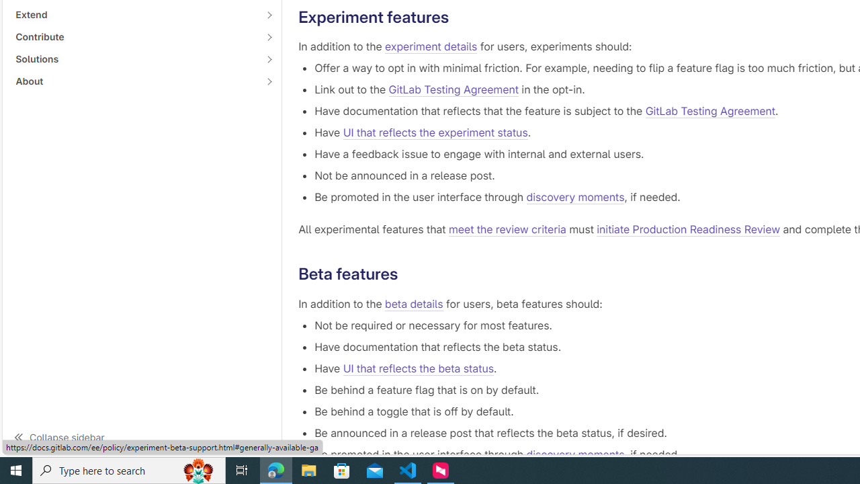 The height and width of the screenshot is (484, 860). What do you see at coordinates (507, 229) in the screenshot?
I see `'meet the review criteria'` at bounding box center [507, 229].